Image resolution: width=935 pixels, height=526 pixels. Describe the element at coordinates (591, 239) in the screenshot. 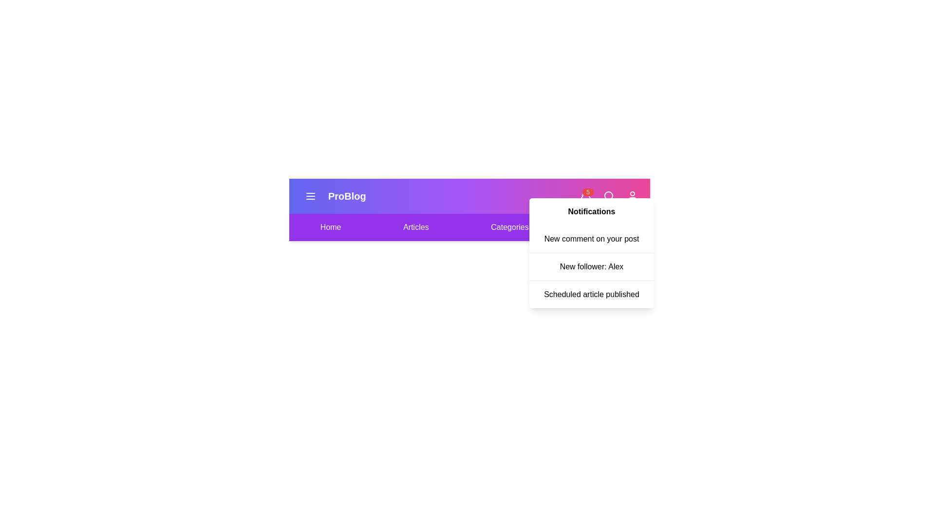

I see `the notification titled 'New comment on your post' from the list` at that location.